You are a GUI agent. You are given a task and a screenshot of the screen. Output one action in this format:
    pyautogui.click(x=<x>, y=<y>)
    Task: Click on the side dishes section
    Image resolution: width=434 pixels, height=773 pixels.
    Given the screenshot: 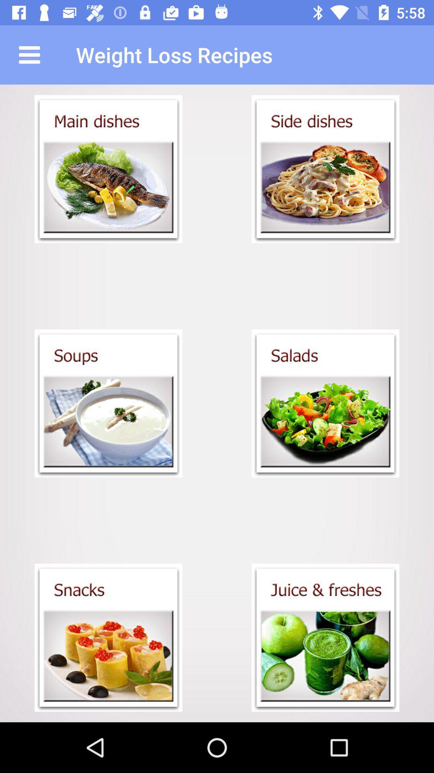 What is the action you would take?
    pyautogui.click(x=325, y=169)
    